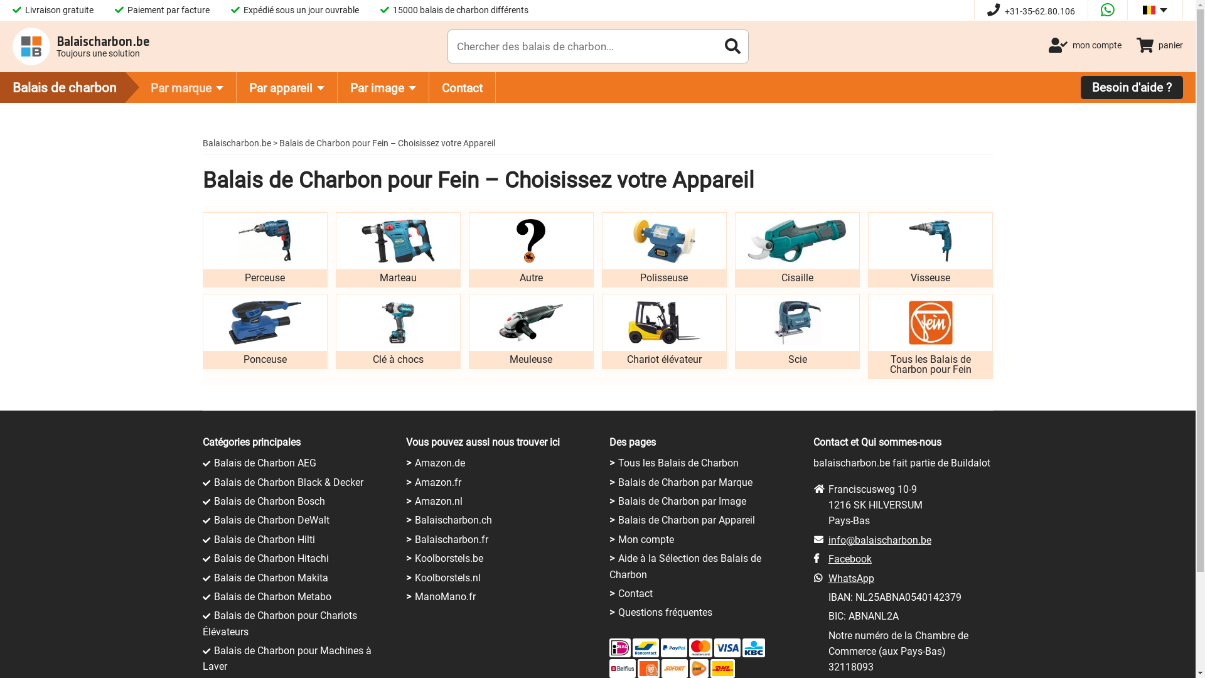 This screenshot has height=678, width=1205. I want to click on 'Par image', so click(382, 87).